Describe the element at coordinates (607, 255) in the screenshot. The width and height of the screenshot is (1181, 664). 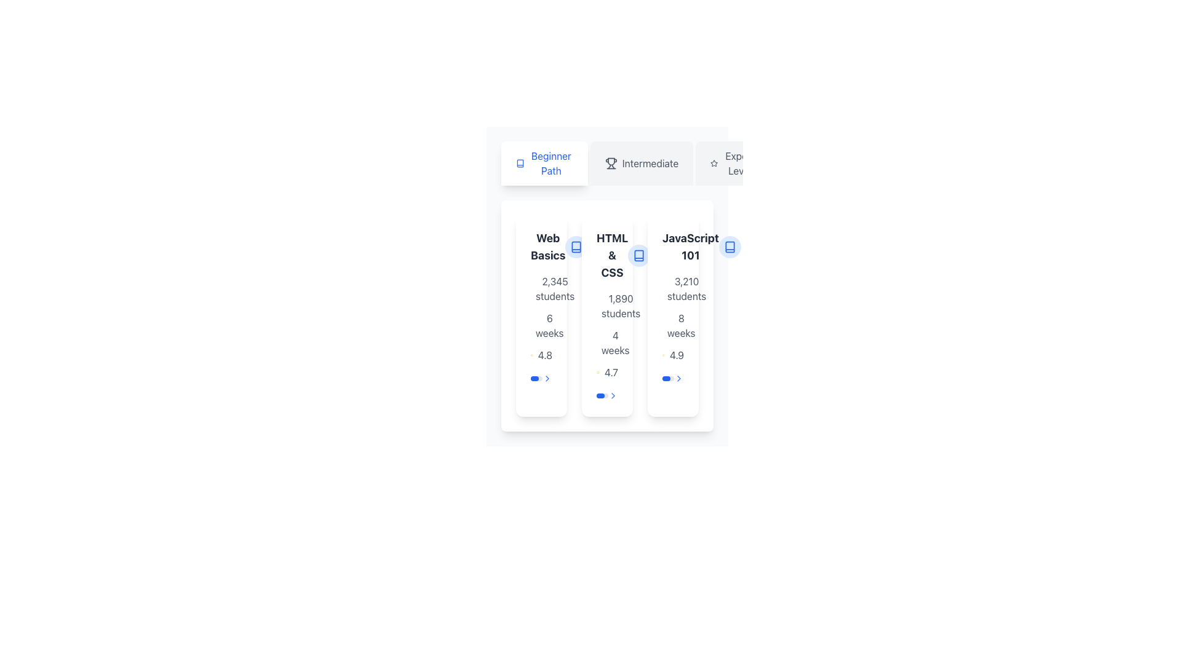
I see `text label indicating the course title 'HTML & CSS' located at the top of the second card in a set of three horizontally aligned cards` at that location.